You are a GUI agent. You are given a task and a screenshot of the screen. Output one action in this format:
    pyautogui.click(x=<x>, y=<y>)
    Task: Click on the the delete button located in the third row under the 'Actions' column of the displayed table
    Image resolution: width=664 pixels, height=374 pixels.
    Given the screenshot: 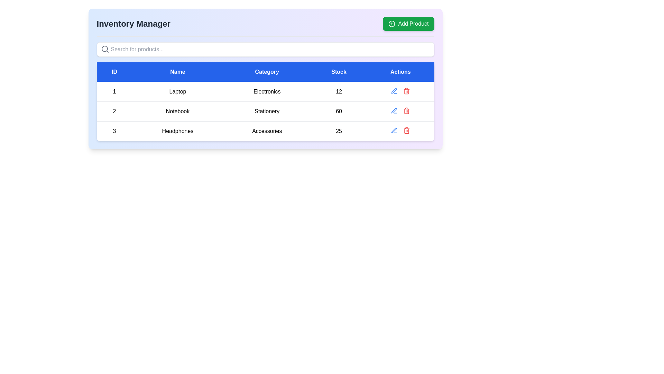 What is the action you would take?
    pyautogui.click(x=407, y=131)
    